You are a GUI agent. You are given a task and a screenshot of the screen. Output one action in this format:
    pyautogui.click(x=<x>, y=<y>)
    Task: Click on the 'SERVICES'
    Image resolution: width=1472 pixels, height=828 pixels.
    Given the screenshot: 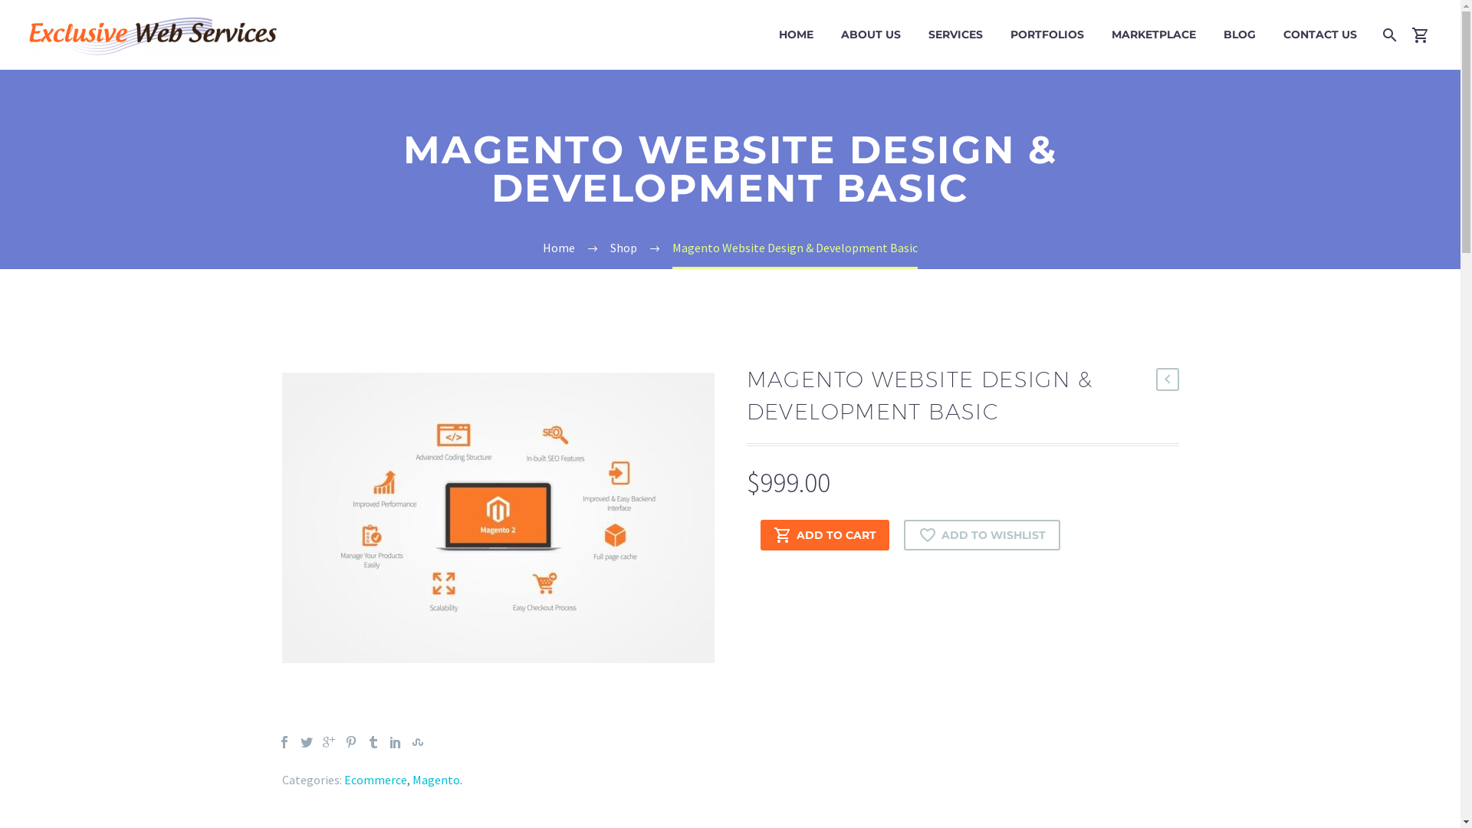 What is the action you would take?
    pyautogui.click(x=955, y=34)
    